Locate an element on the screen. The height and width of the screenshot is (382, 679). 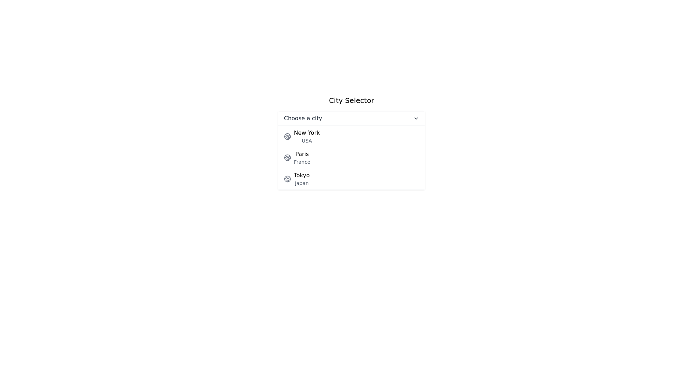
the small SVG chevron-down icon located to the right of the text 'Choose a city' is located at coordinates (416, 118).